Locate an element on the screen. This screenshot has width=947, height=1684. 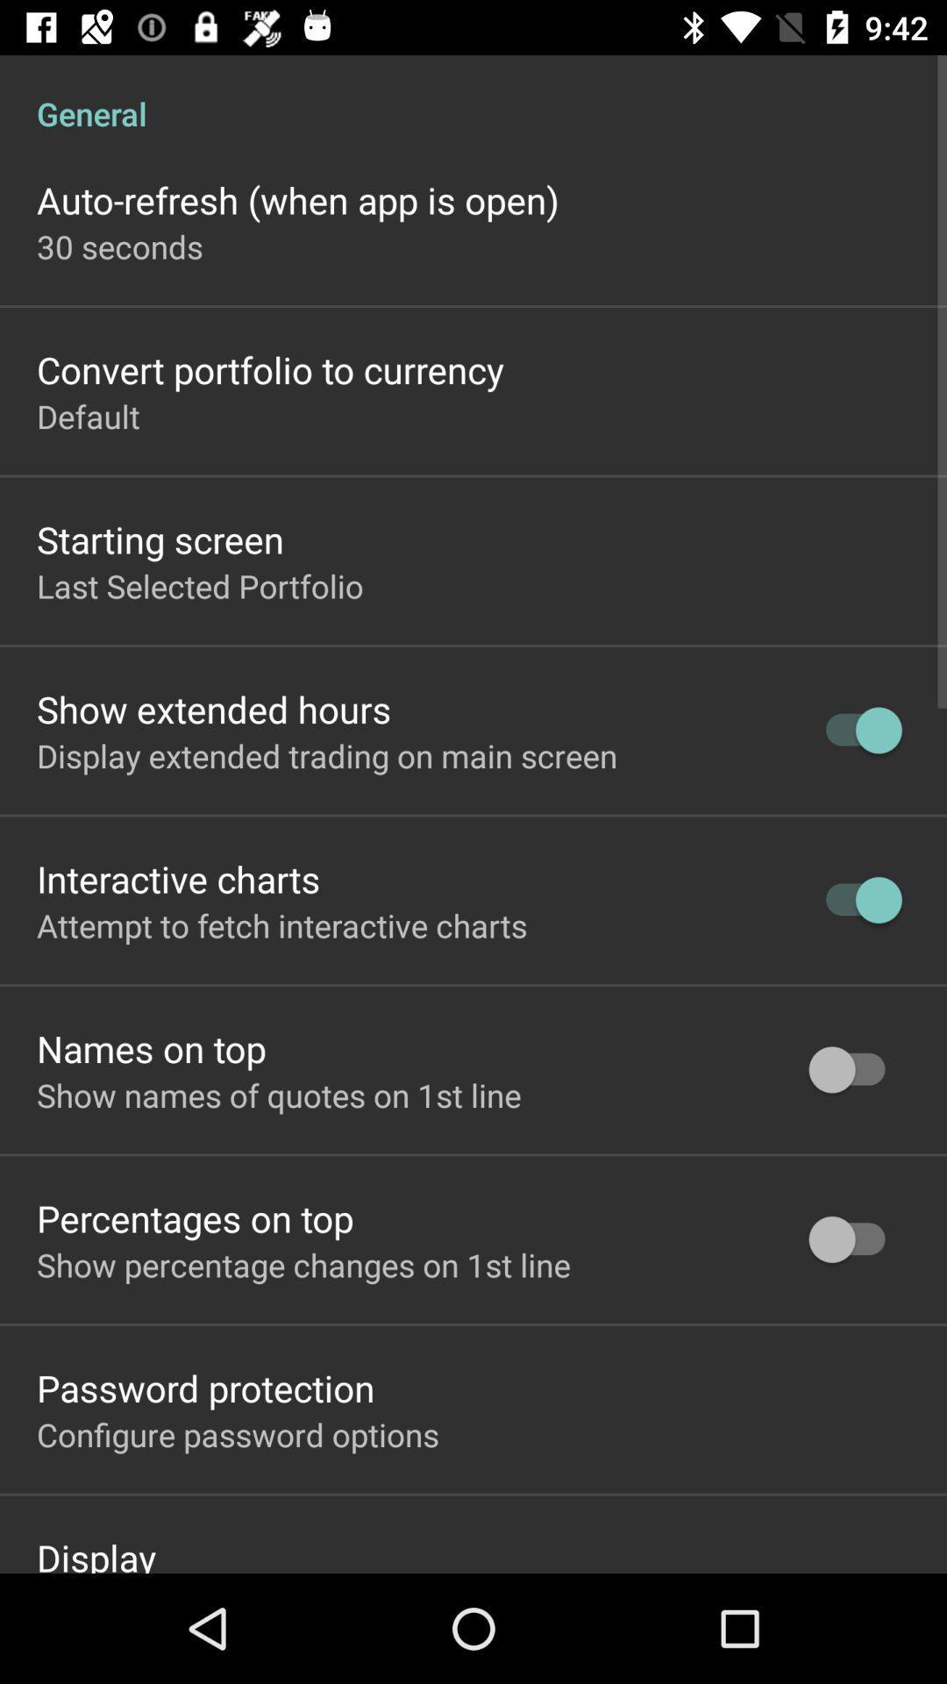
the app below convert portfolio to is located at coordinates (88, 415).